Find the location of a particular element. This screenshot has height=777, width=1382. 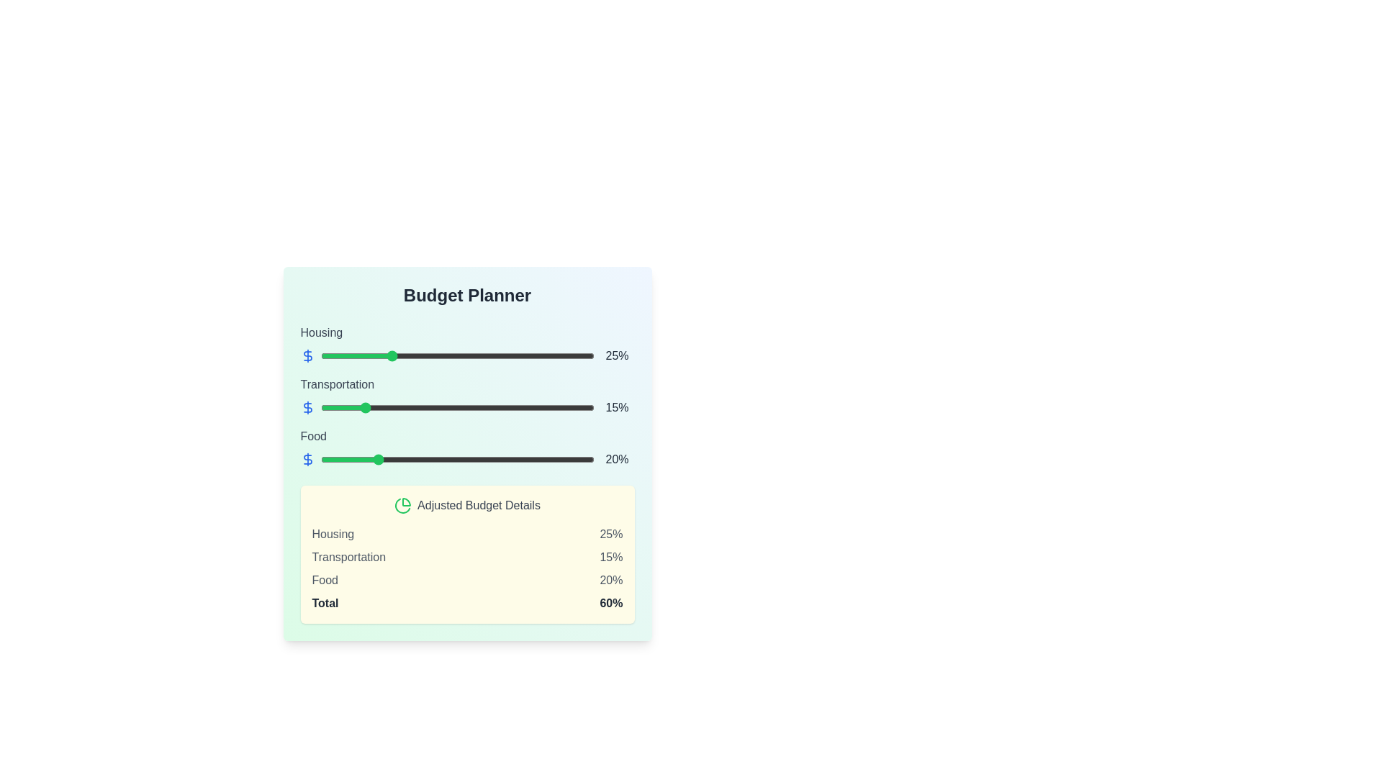

the circular icon styled as a pie chart with a green outline, positioned to the left of the text 'Adjusted Budget Details' is located at coordinates (403, 504).